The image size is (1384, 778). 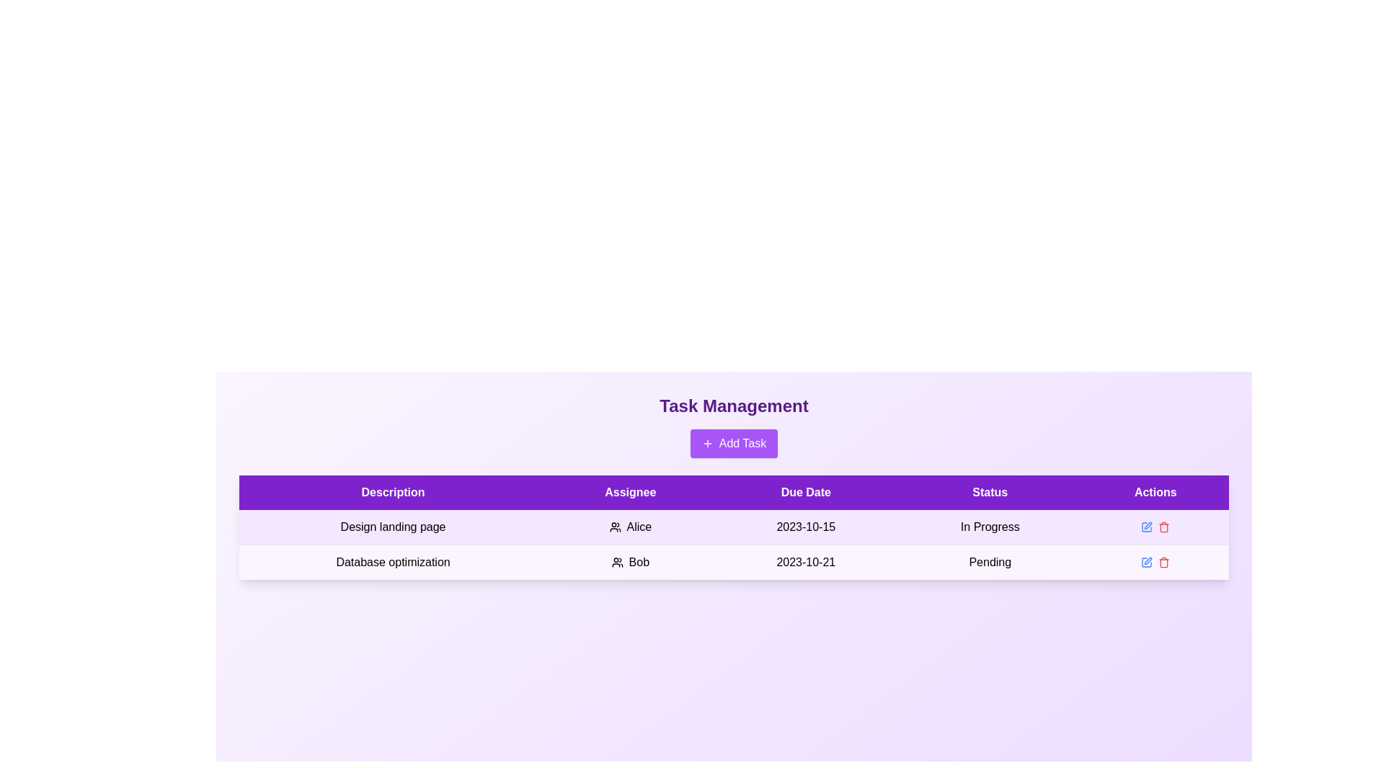 What do you see at coordinates (615, 527) in the screenshot?
I see `the graphical icon representing user silhouettes in the 'Assignee' column of the task management table, adjacent to 'Alice' in the row for 'Design landing page'` at bounding box center [615, 527].